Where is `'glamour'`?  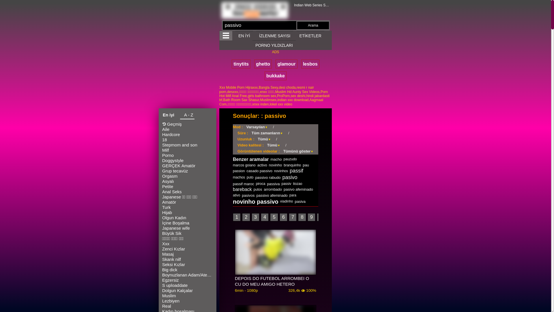
'glamour' is located at coordinates (286, 64).